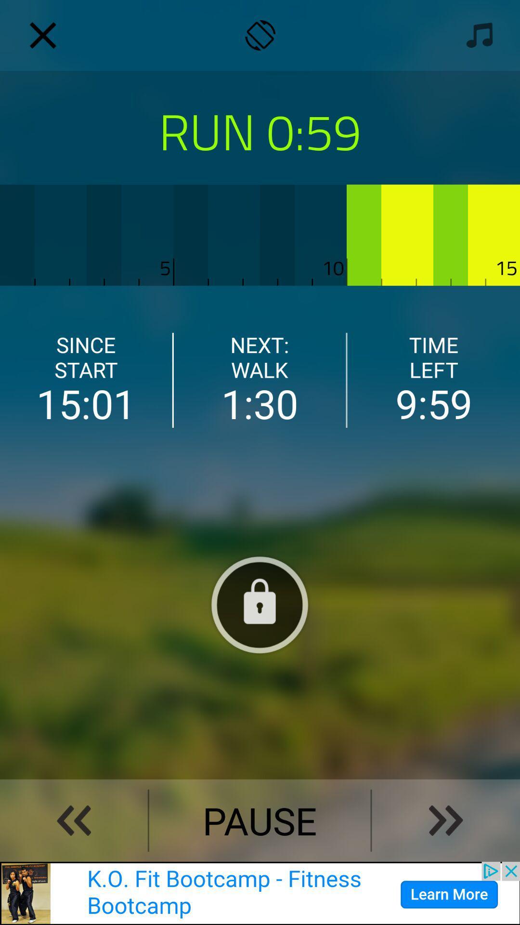 The image size is (520, 925). Describe the element at coordinates (73, 820) in the screenshot. I see `the av_rewind icon` at that location.